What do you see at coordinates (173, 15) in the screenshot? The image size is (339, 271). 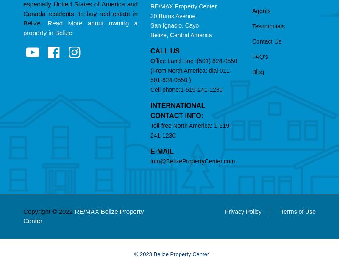 I see `'30 Burns Avenue'` at bounding box center [173, 15].